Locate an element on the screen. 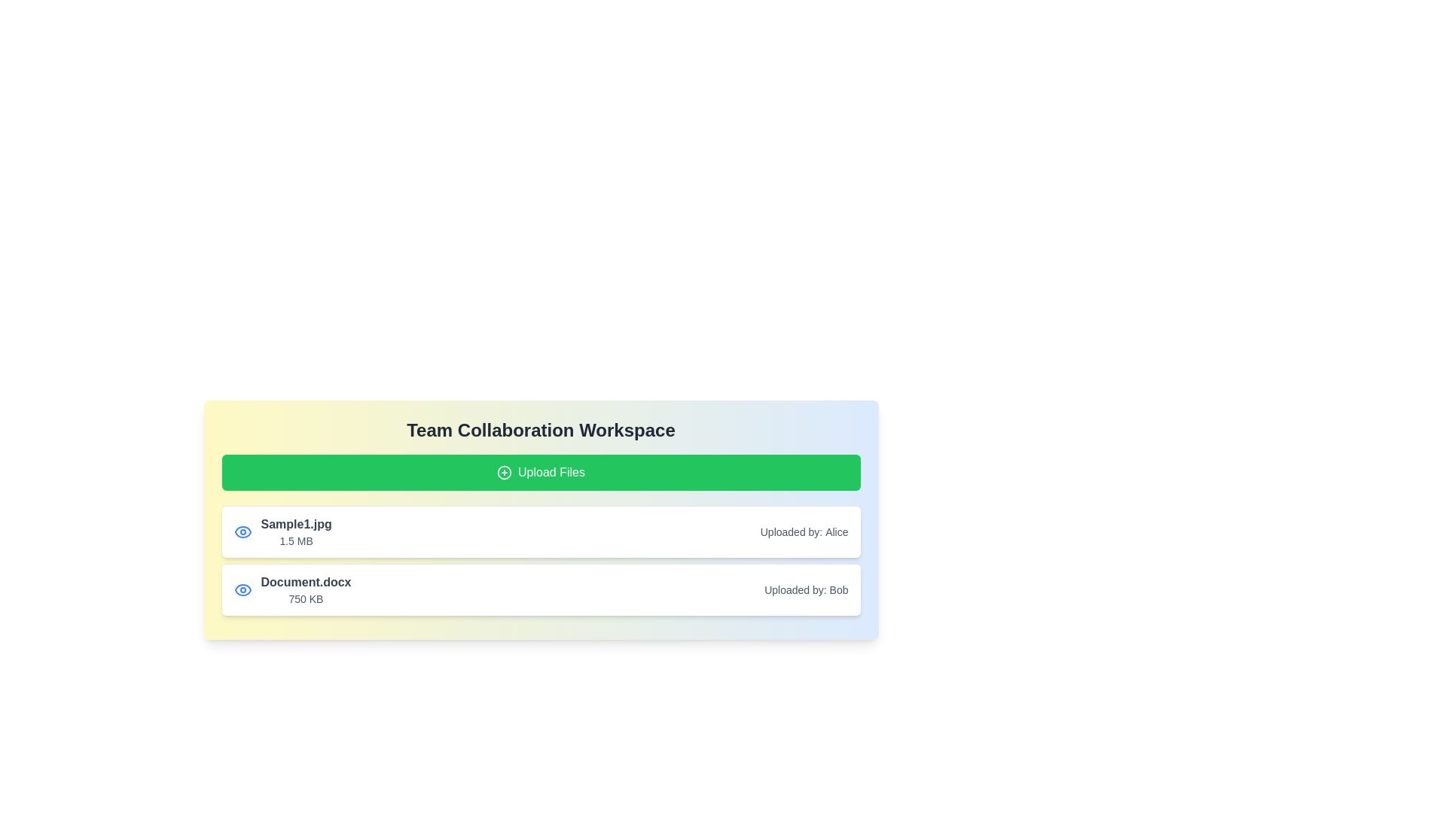 This screenshot has width=1446, height=813. the upload icon located to the left of the 'Upload Files' text within the button is located at coordinates (505, 472).